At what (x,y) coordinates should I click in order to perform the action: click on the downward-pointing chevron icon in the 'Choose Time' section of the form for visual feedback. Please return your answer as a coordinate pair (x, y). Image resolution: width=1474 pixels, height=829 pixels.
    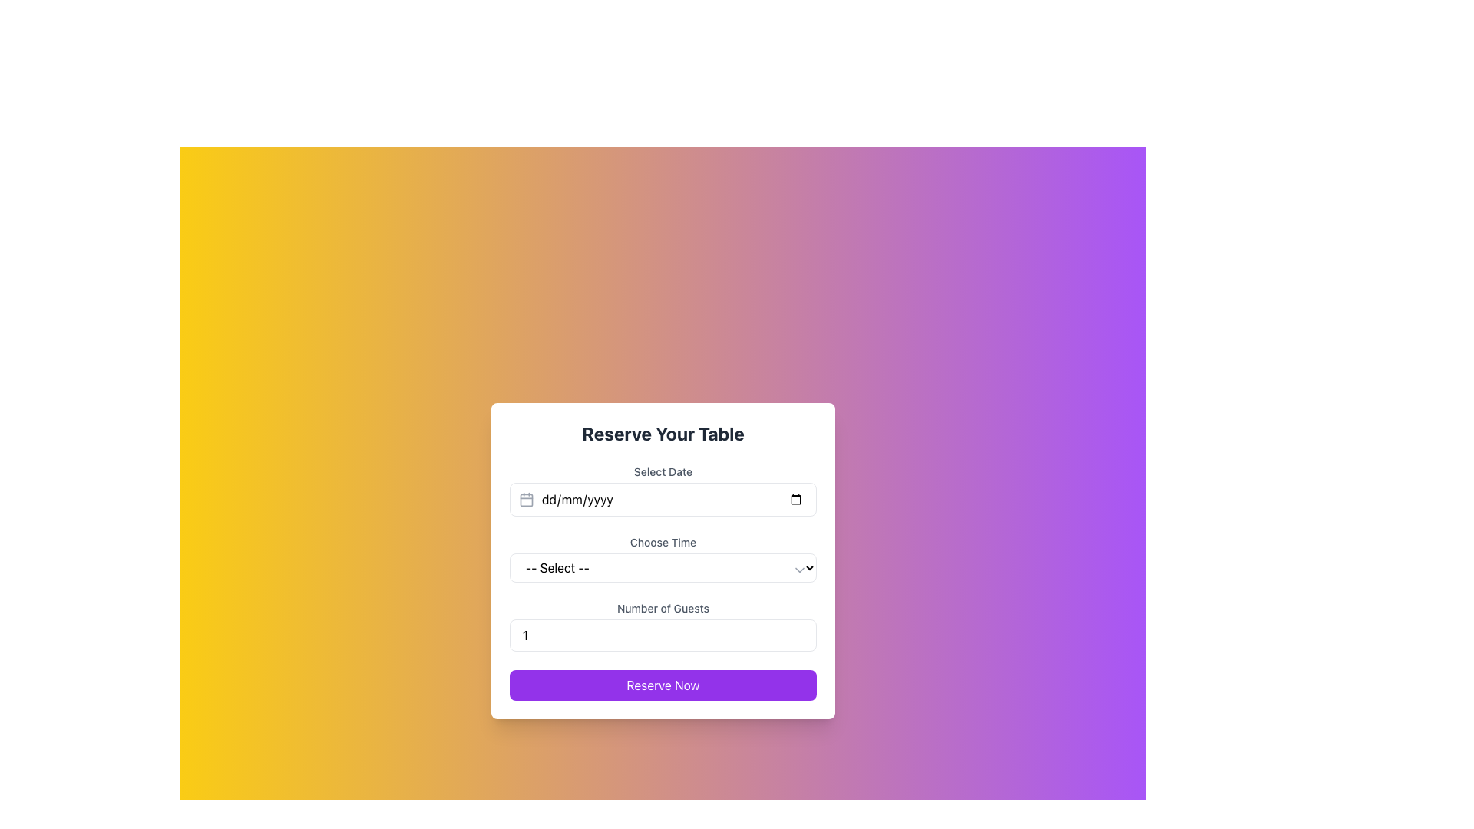
    Looking at the image, I should click on (798, 570).